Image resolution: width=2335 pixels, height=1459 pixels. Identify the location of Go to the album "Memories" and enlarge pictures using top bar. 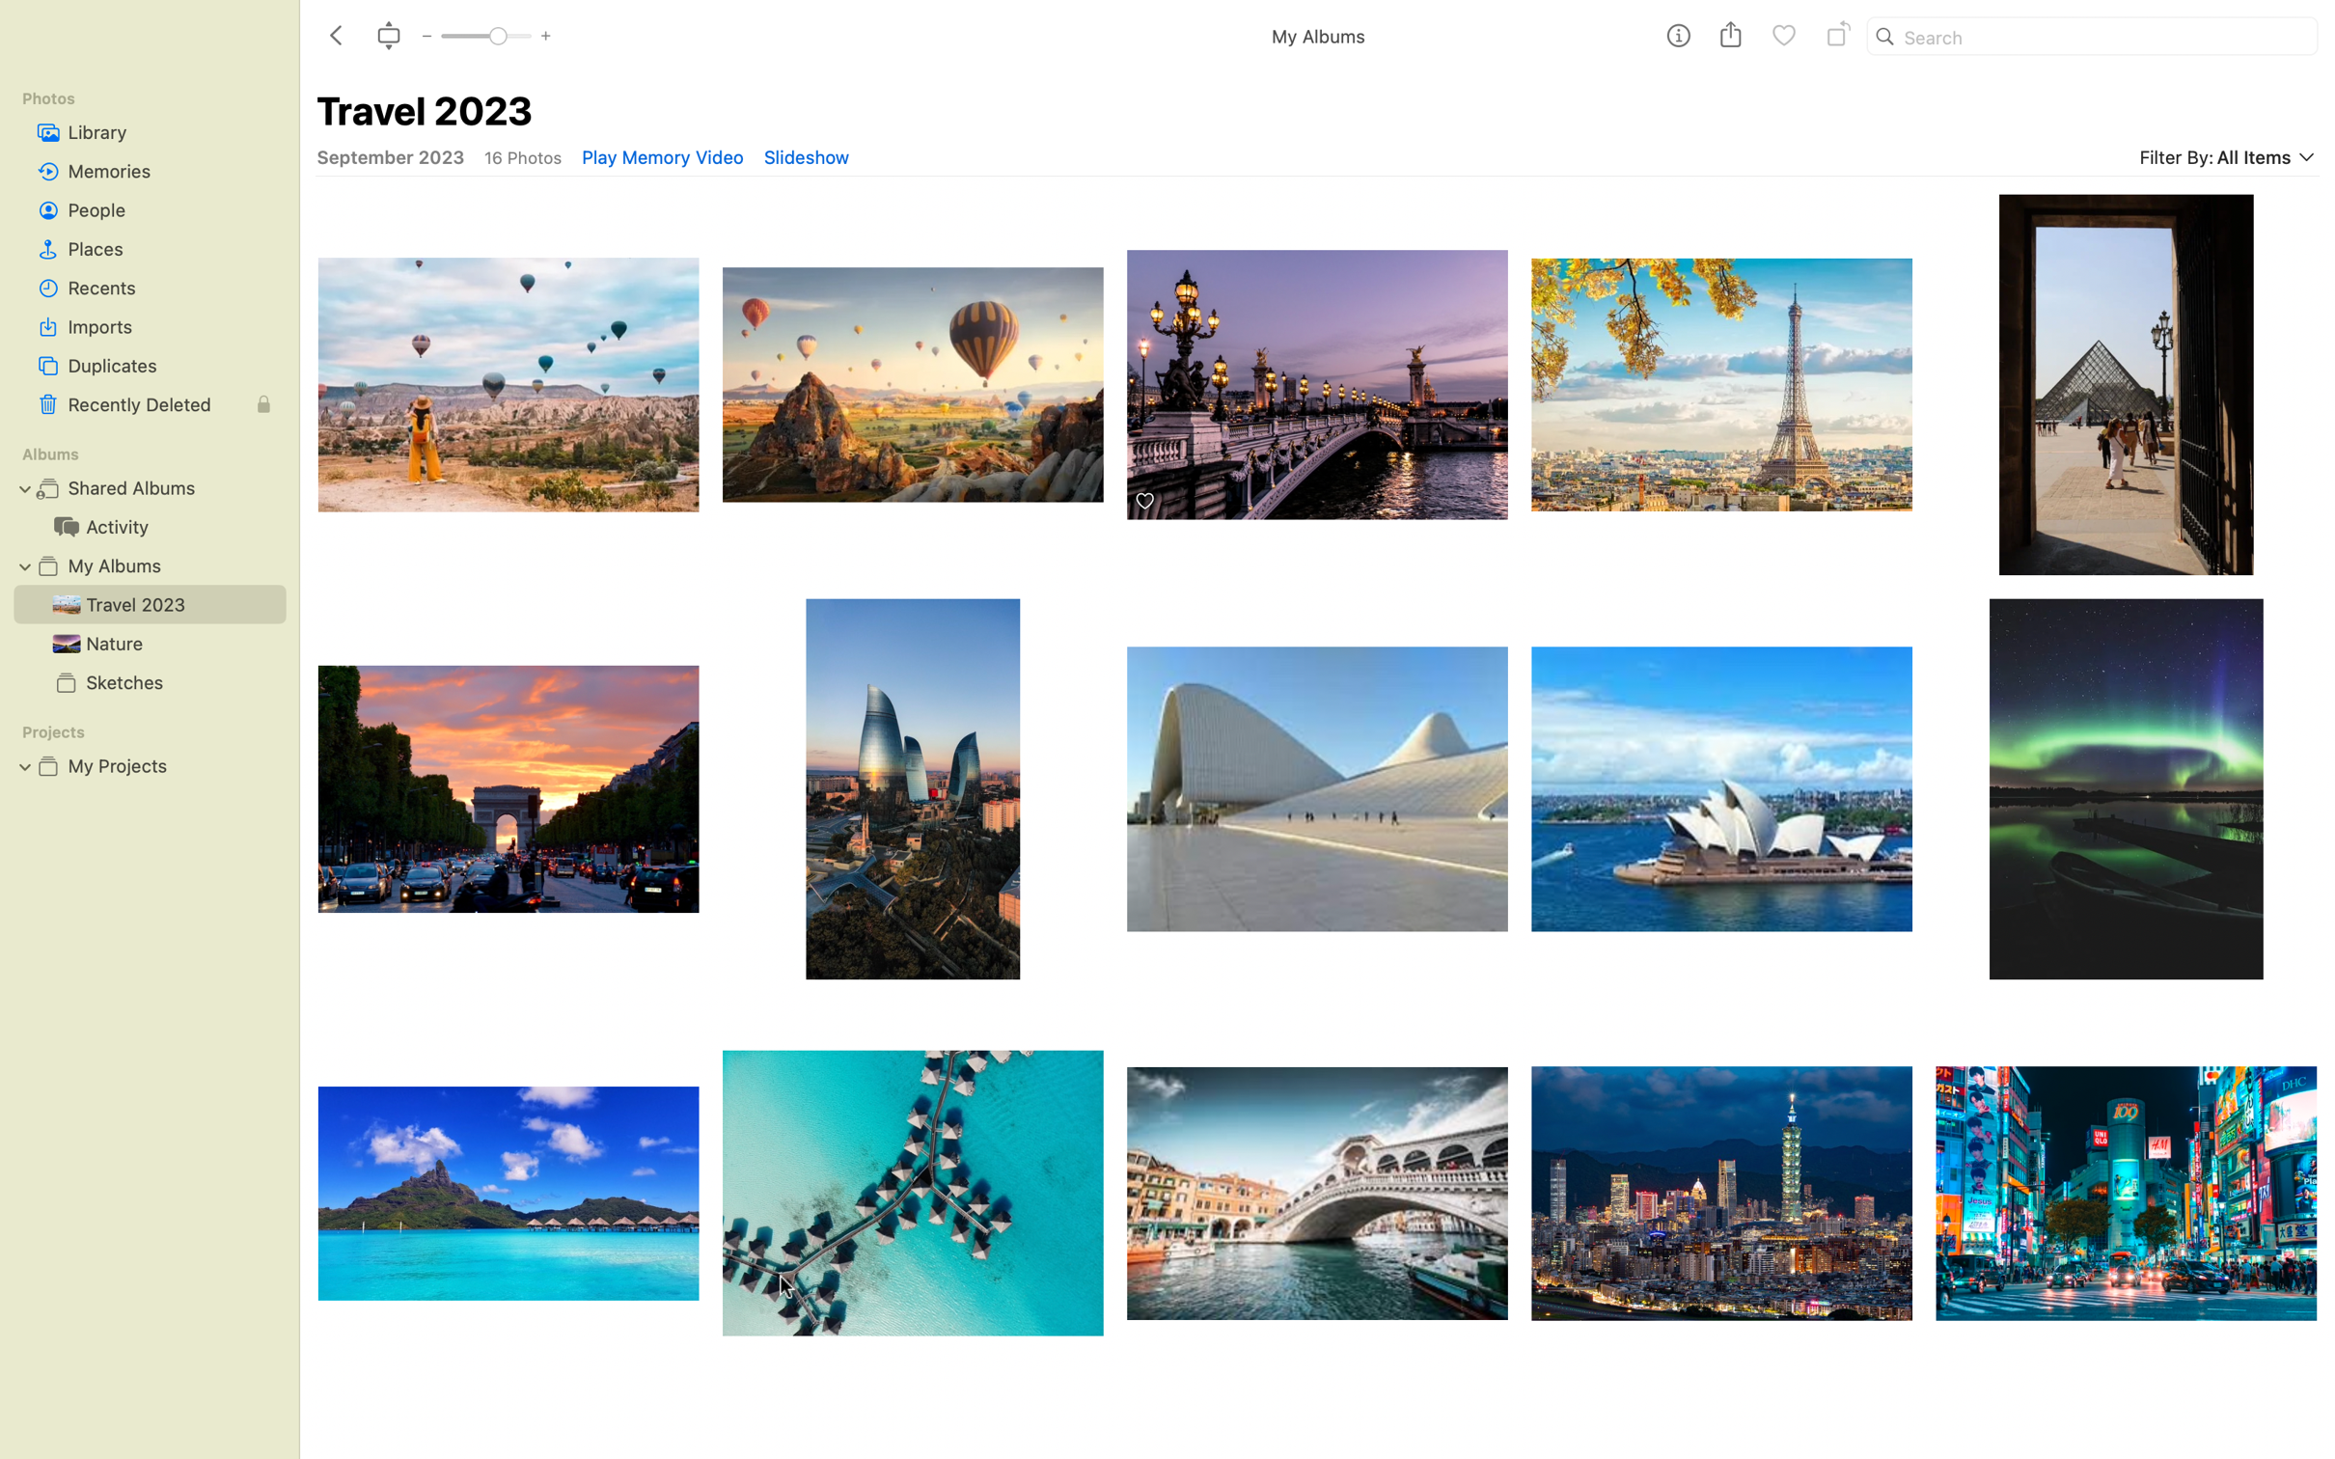
(148, 170).